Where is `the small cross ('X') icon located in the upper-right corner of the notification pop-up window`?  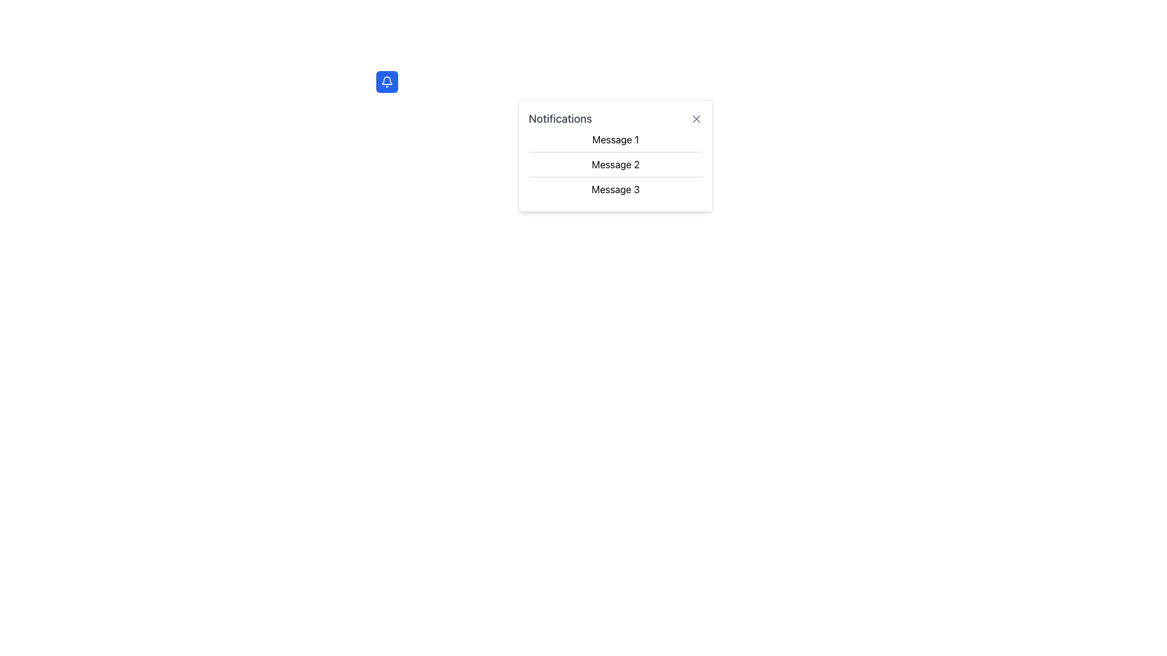
the small cross ('X') icon located in the upper-right corner of the notification pop-up window is located at coordinates (697, 119).